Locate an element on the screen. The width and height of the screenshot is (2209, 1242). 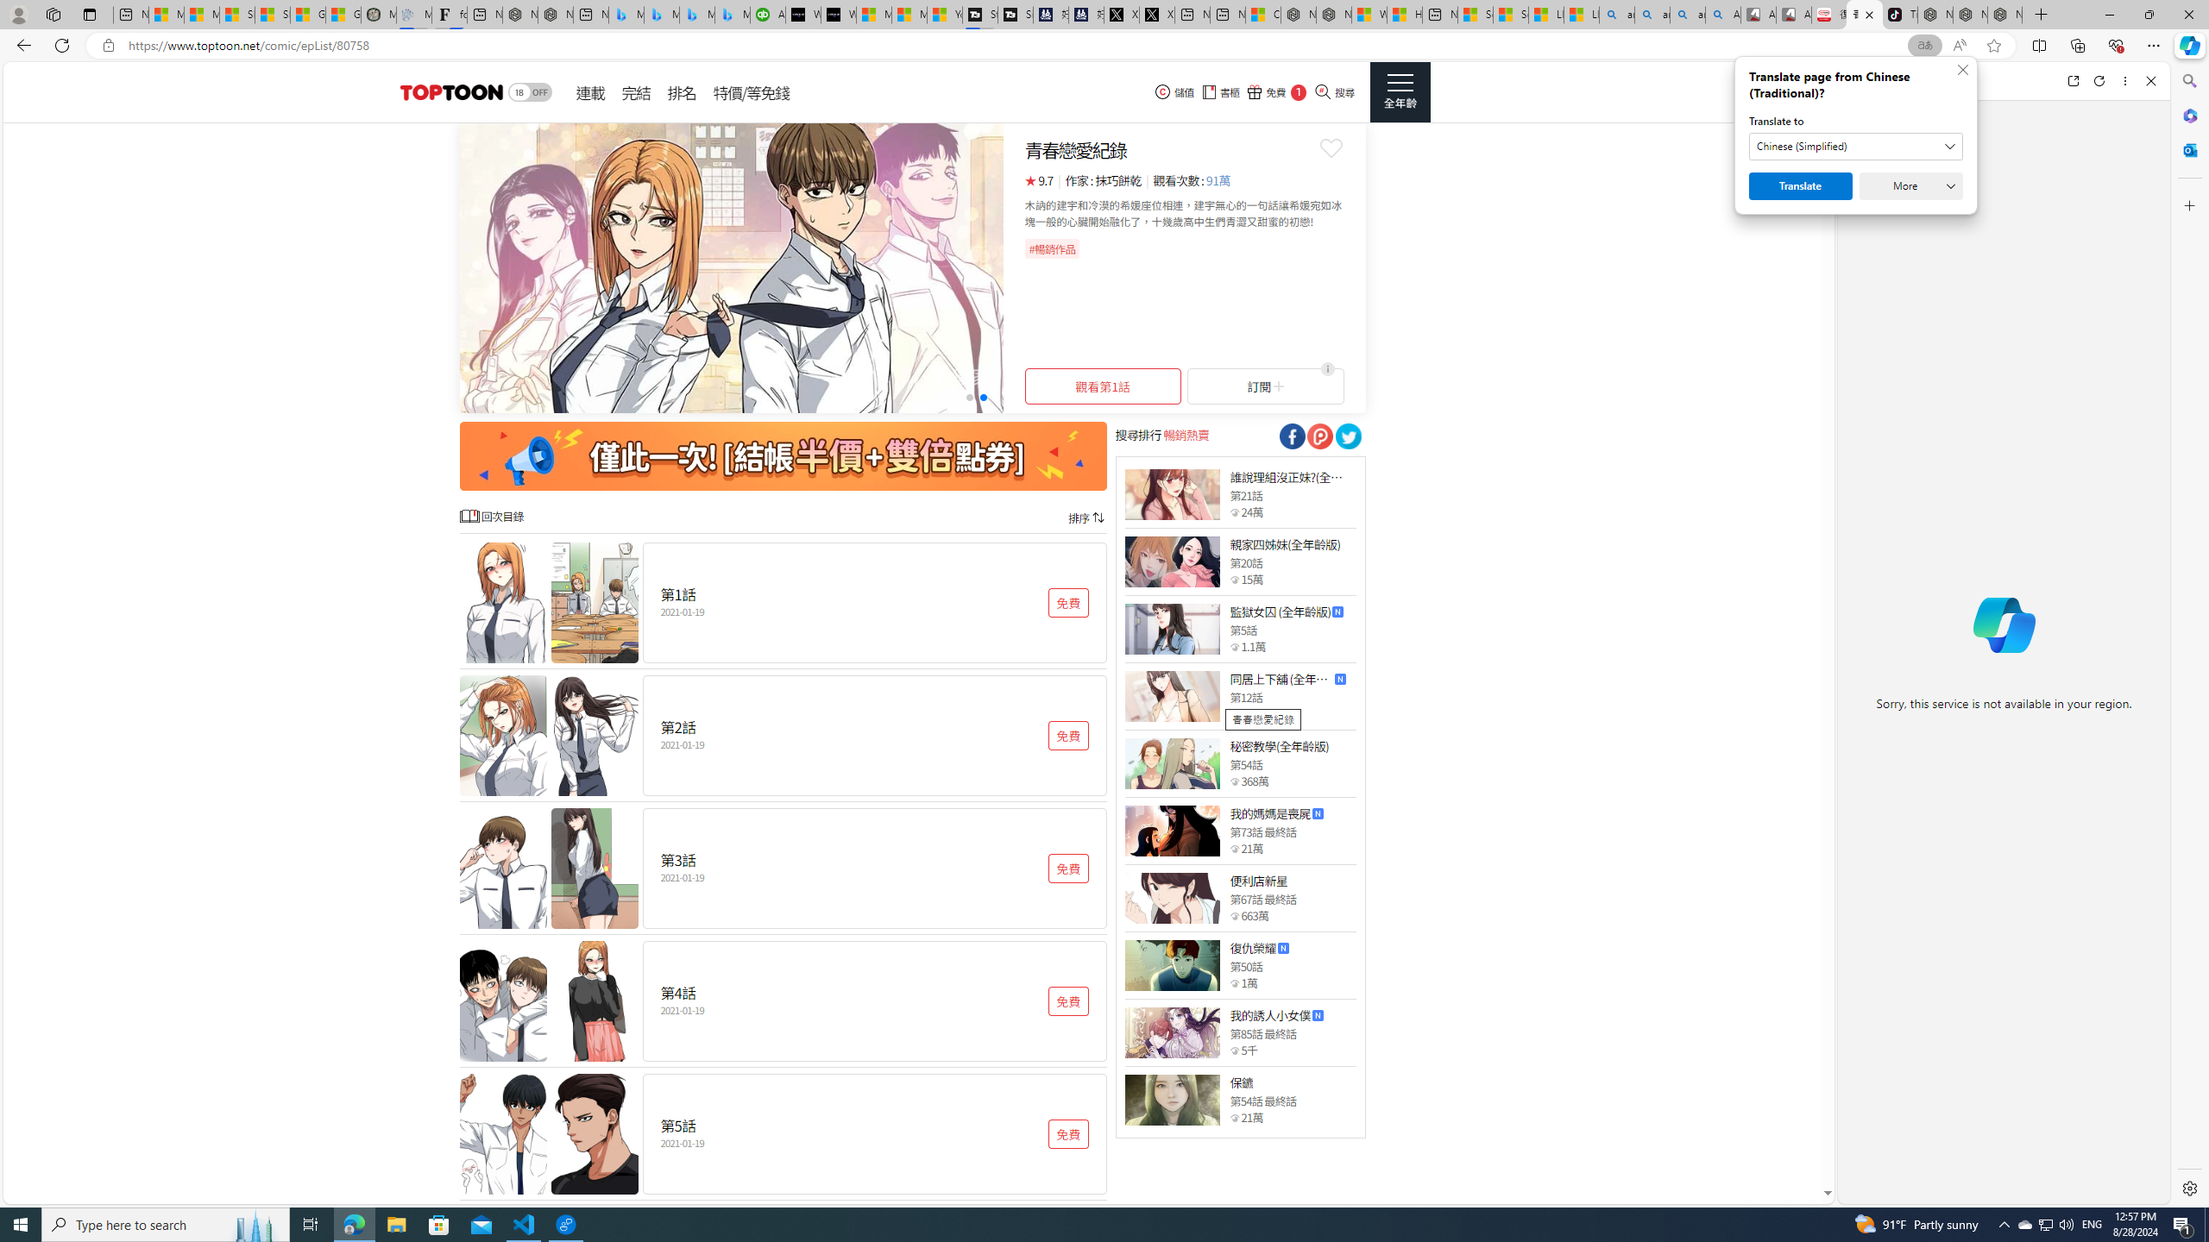
'Outlook' is located at coordinates (2187, 148).